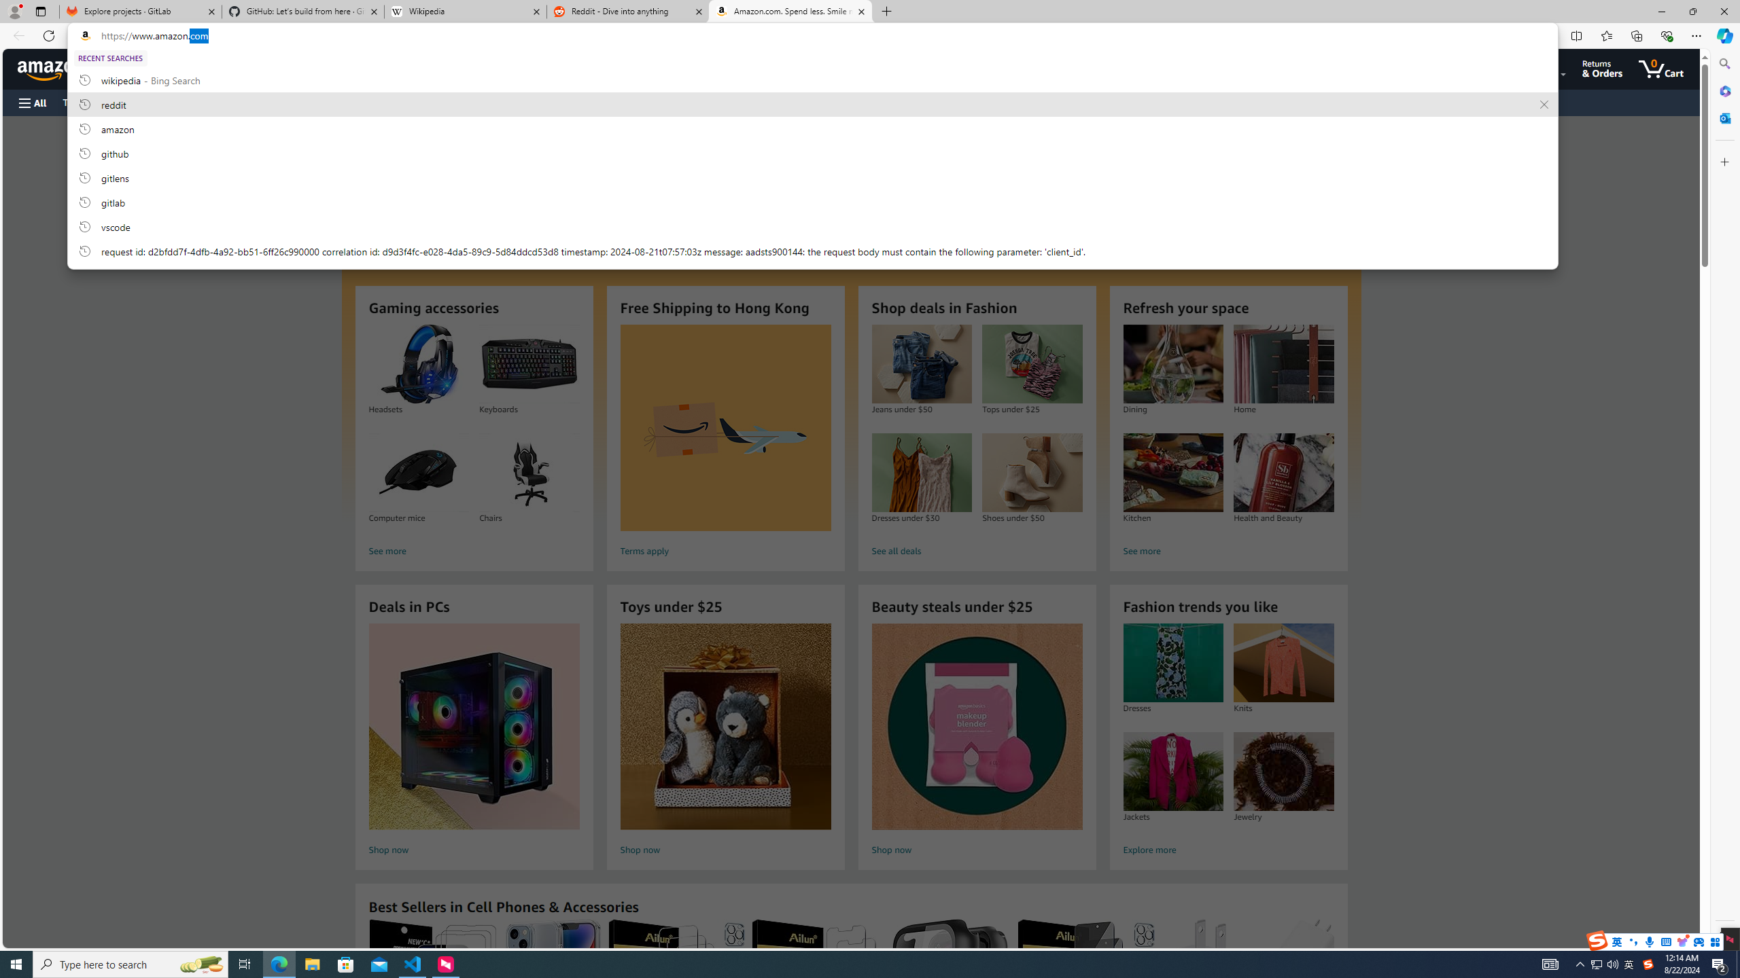 The height and width of the screenshot is (978, 1740). What do you see at coordinates (1032, 364) in the screenshot?
I see `'Tops under $25'` at bounding box center [1032, 364].